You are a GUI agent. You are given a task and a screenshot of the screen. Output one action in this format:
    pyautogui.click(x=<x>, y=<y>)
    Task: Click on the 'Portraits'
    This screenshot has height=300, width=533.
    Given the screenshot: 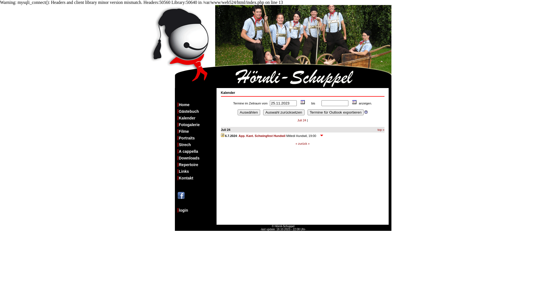 What is the action you would take?
    pyautogui.click(x=177, y=138)
    